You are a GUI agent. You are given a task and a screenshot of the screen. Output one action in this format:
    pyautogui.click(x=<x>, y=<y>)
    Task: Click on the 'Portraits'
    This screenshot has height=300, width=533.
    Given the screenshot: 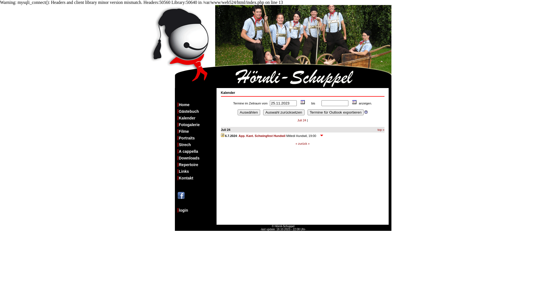 What is the action you would take?
    pyautogui.click(x=177, y=138)
    